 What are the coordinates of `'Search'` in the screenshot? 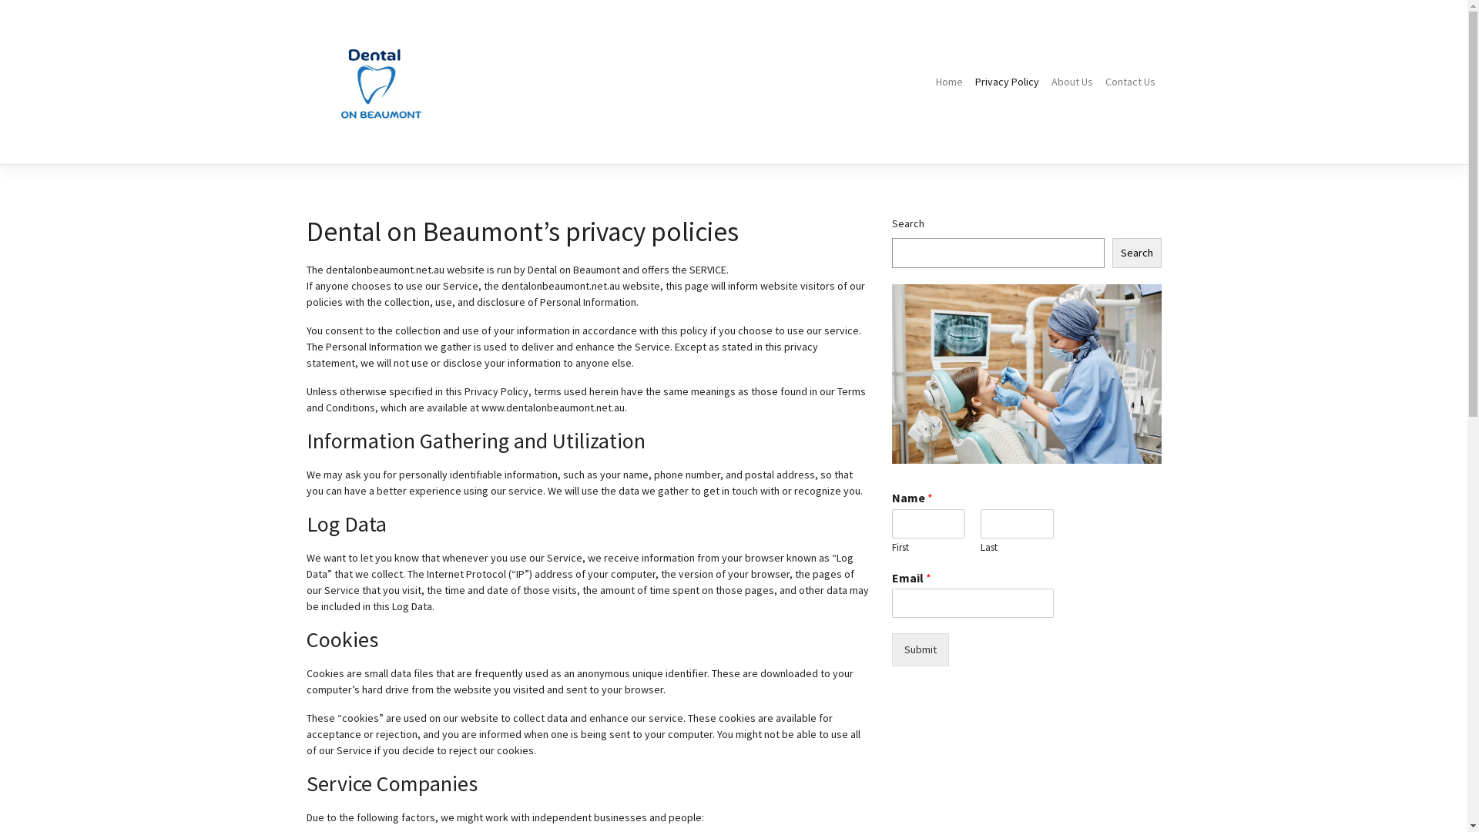 It's located at (1137, 252).